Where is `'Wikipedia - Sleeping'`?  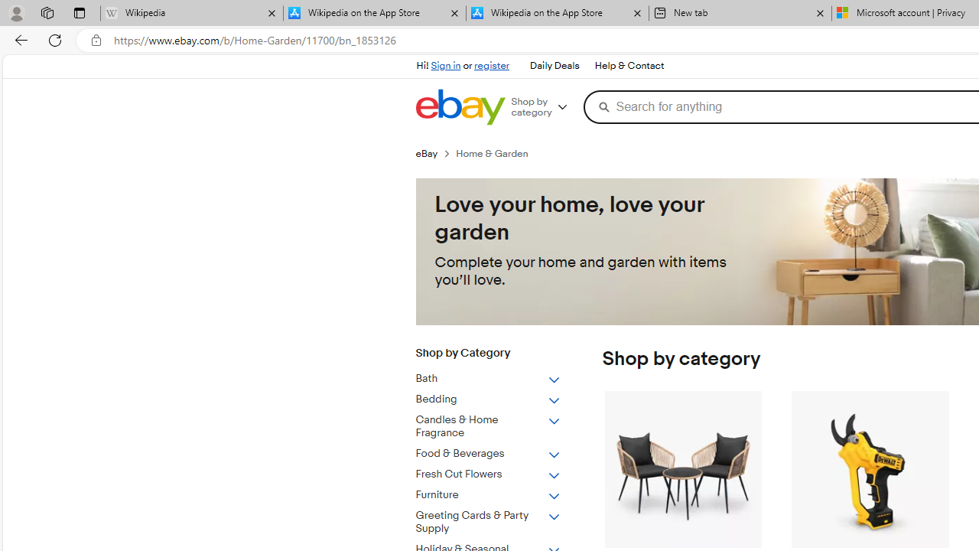 'Wikipedia - Sleeping' is located at coordinates (190, 13).